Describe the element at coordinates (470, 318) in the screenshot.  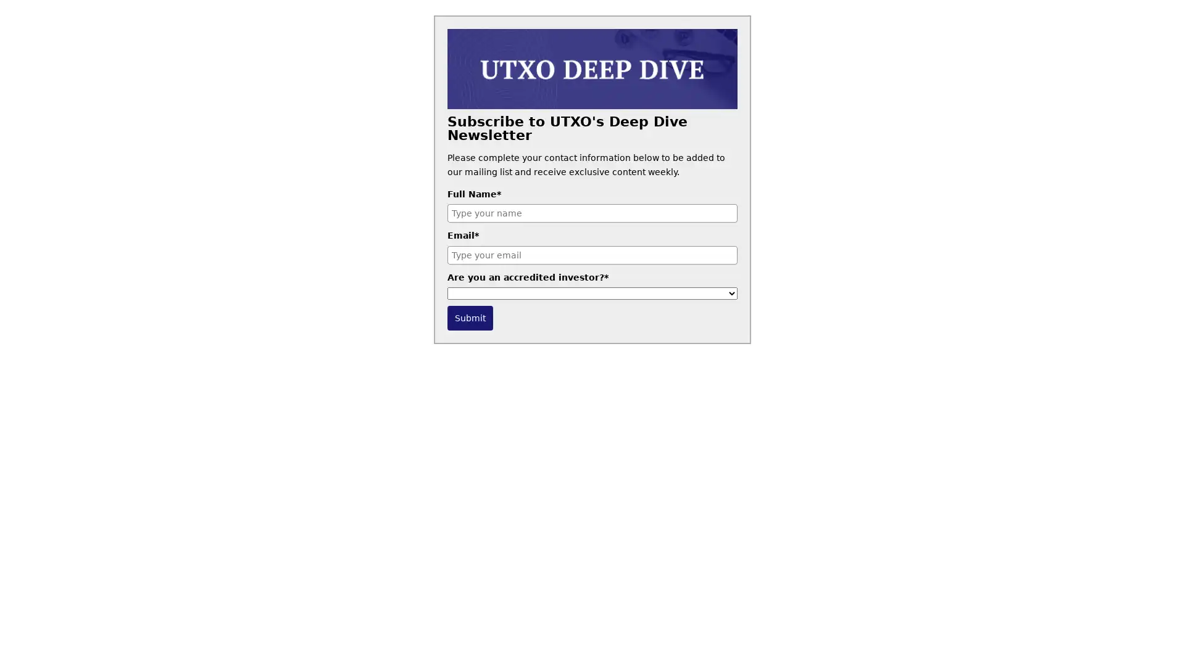
I see `Submit` at that location.